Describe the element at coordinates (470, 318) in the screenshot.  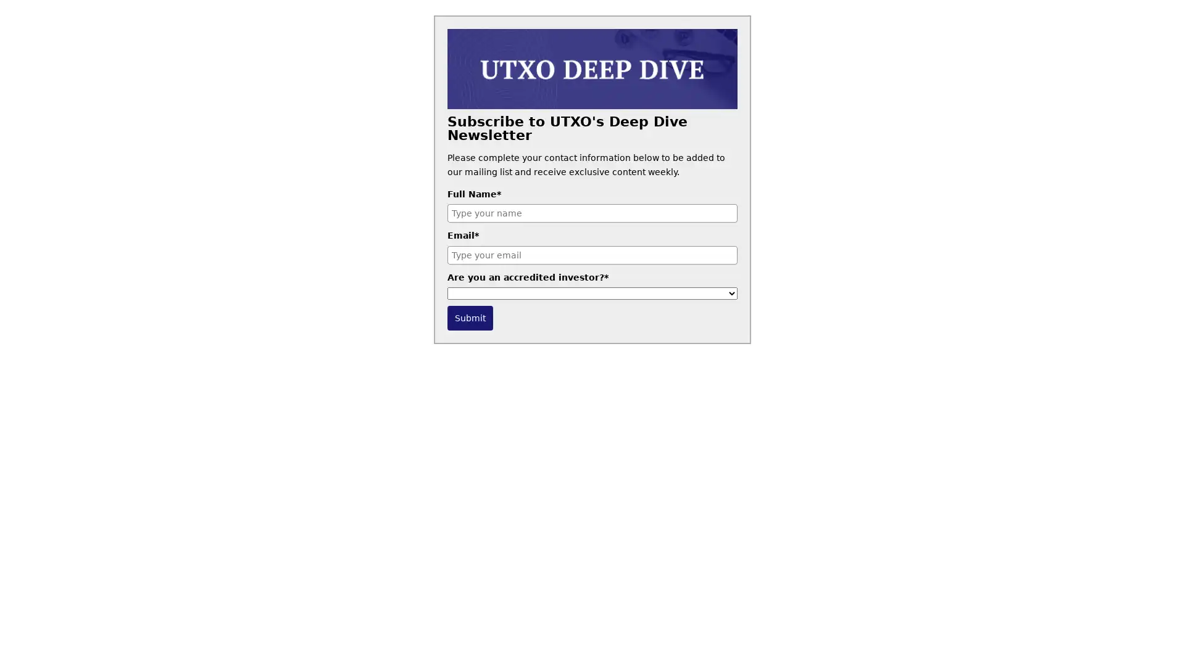
I see `Submit` at that location.